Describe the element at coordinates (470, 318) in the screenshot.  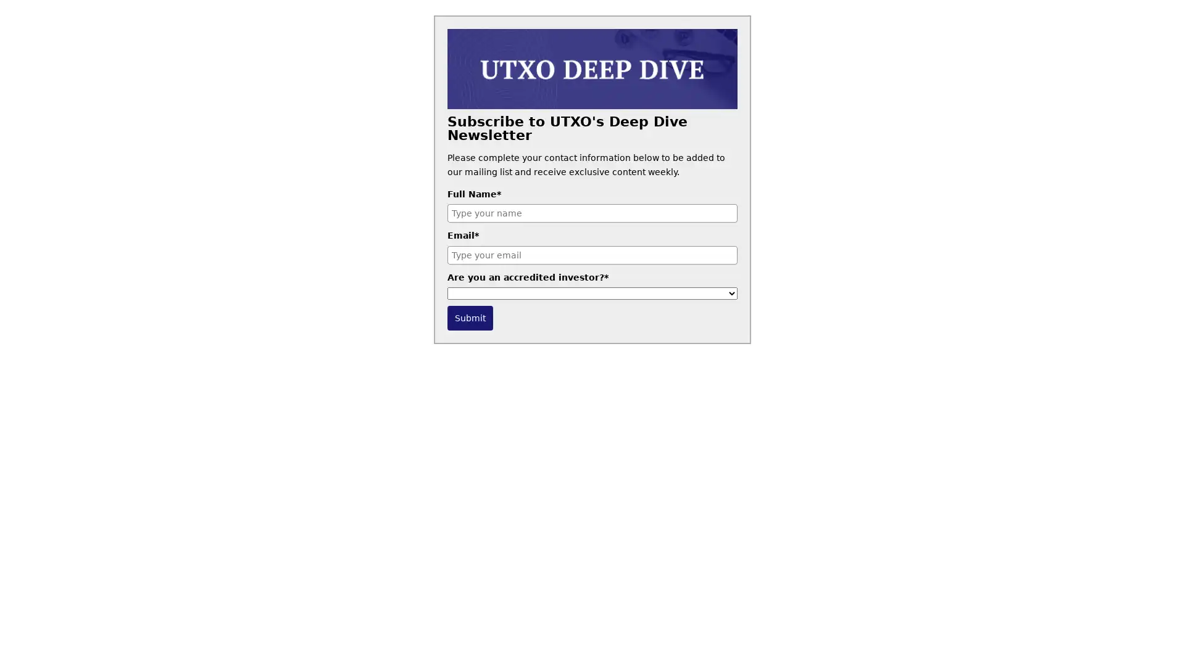
I see `Submit` at that location.